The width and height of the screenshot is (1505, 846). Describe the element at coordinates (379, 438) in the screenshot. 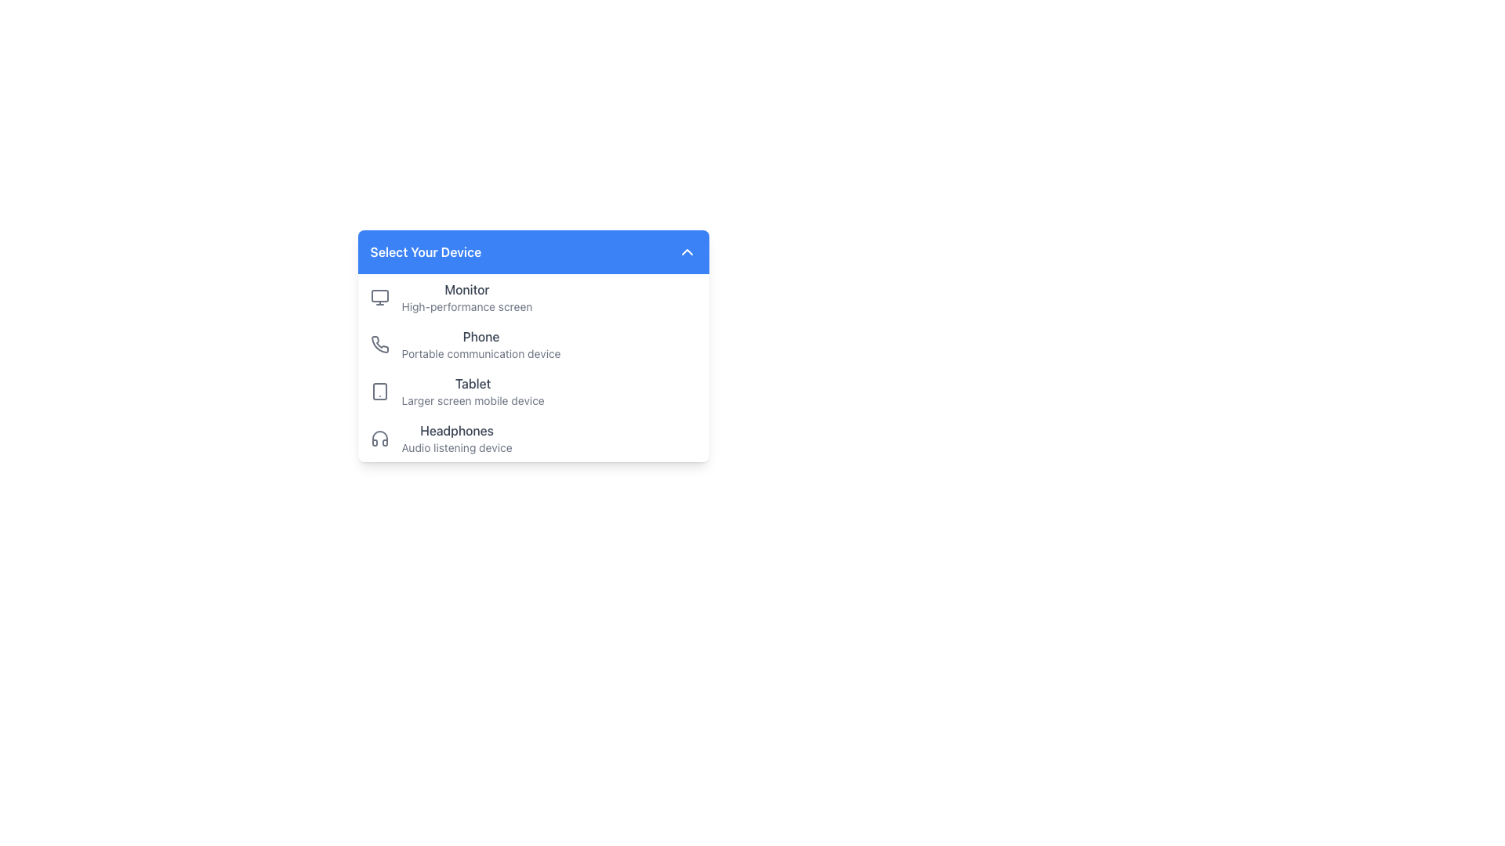

I see `the headphones icon, which is a minimalistic gray outlined icon positioned to the left of the 'Headphones' text in the menu list` at that location.